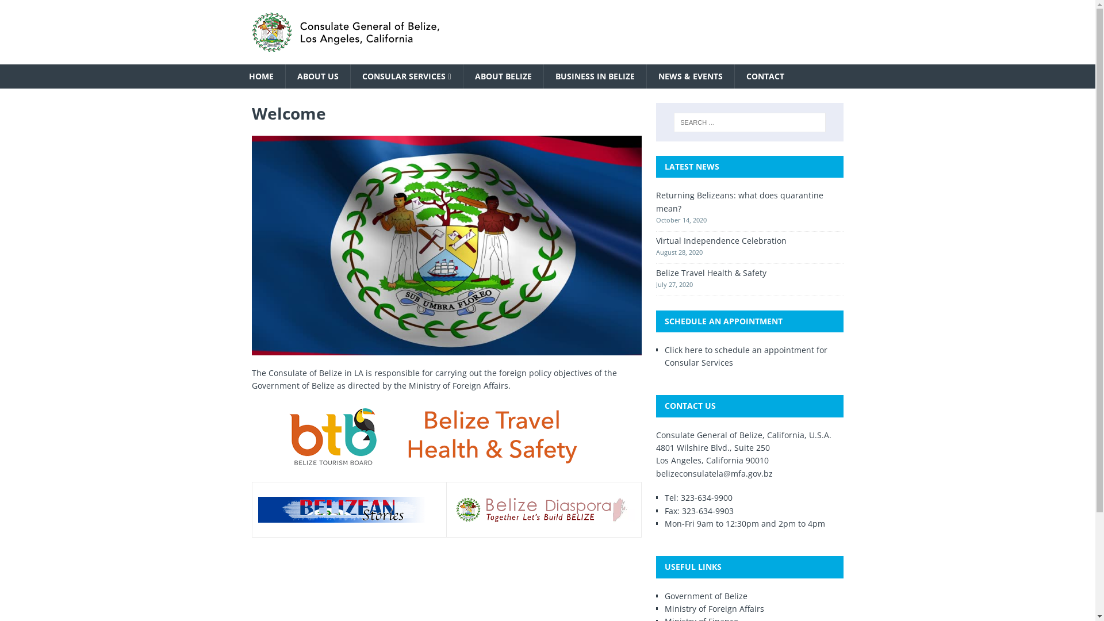 Image resolution: width=1104 pixels, height=621 pixels. What do you see at coordinates (765, 76) in the screenshot?
I see `'CONTACT'` at bounding box center [765, 76].